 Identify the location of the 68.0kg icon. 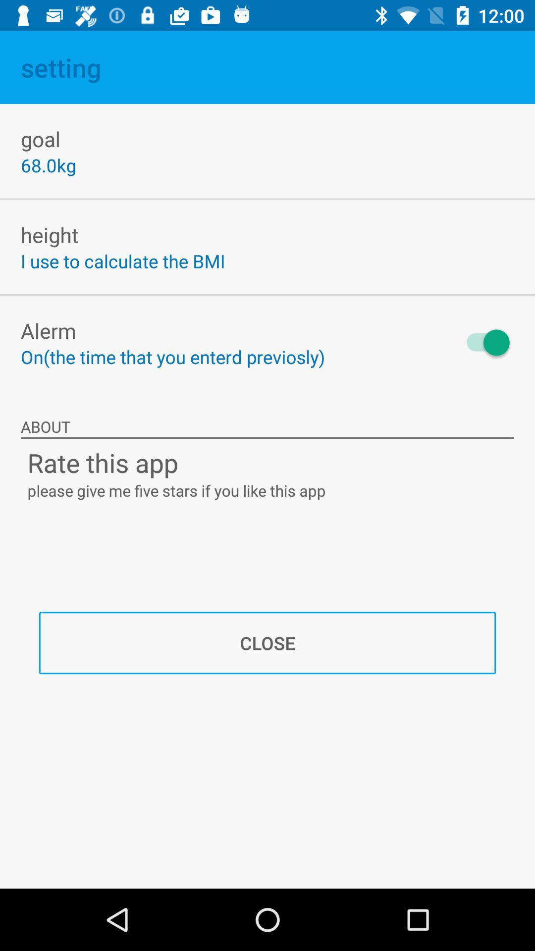
(48, 165).